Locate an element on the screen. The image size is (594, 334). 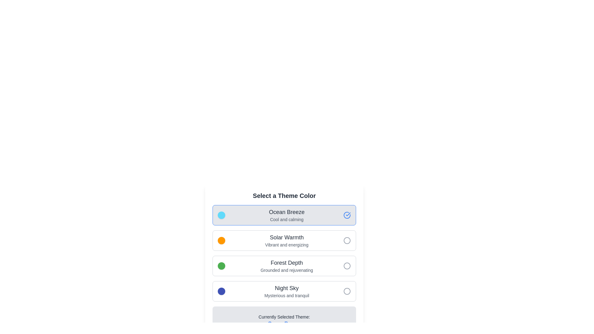
the static text label containing the text 'Grounded and rejuvenating', which is located below the 'Forest Depth' title in the theme options list is located at coordinates (286, 270).